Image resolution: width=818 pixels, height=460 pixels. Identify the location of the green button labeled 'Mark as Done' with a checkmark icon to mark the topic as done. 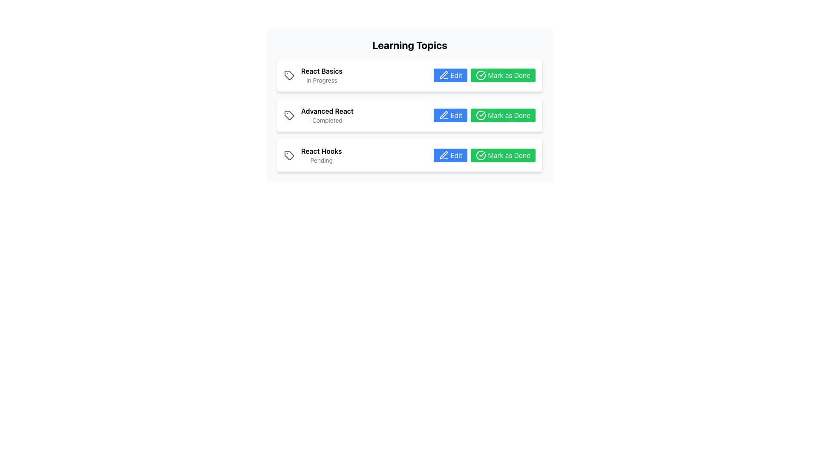
(503, 115).